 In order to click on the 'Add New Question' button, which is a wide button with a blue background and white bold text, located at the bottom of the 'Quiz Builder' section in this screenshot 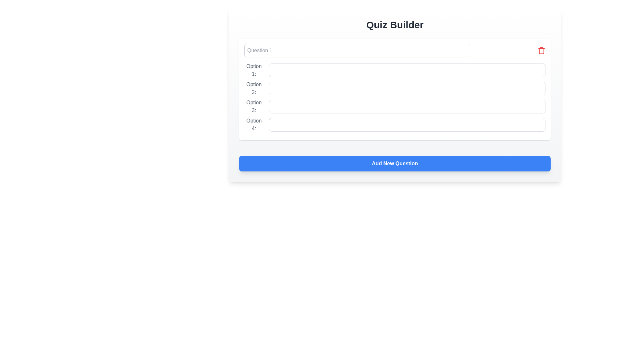, I will do `click(395, 163)`.